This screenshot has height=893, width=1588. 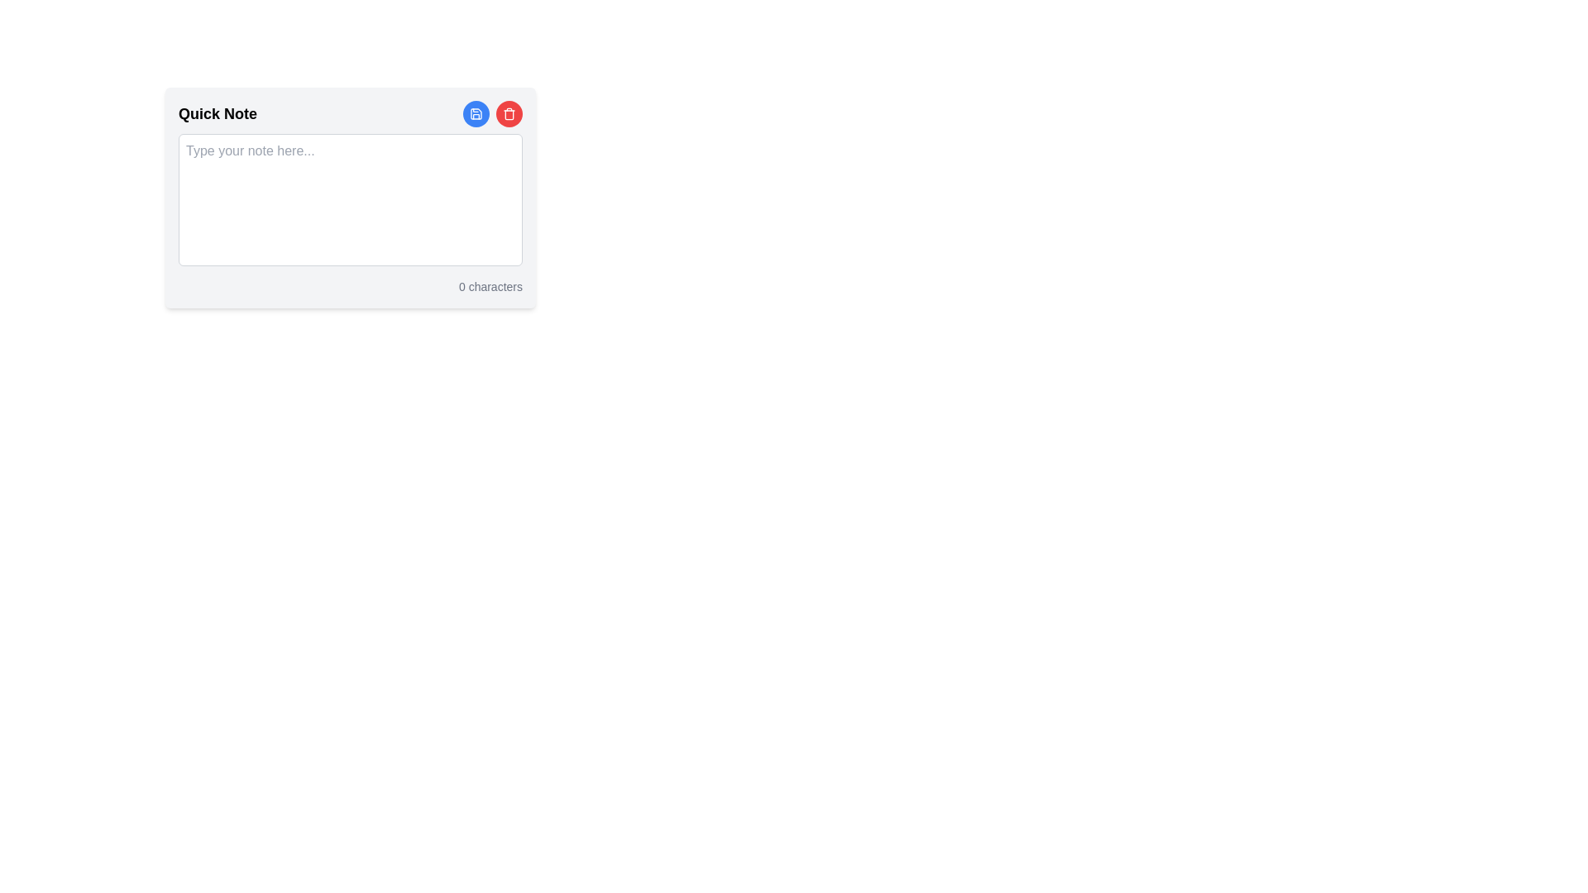 What do you see at coordinates (508, 113) in the screenshot?
I see `the trash bin icon button located at the top-right corner of the 'Quick Note' interface` at bounding box center [508, 113].